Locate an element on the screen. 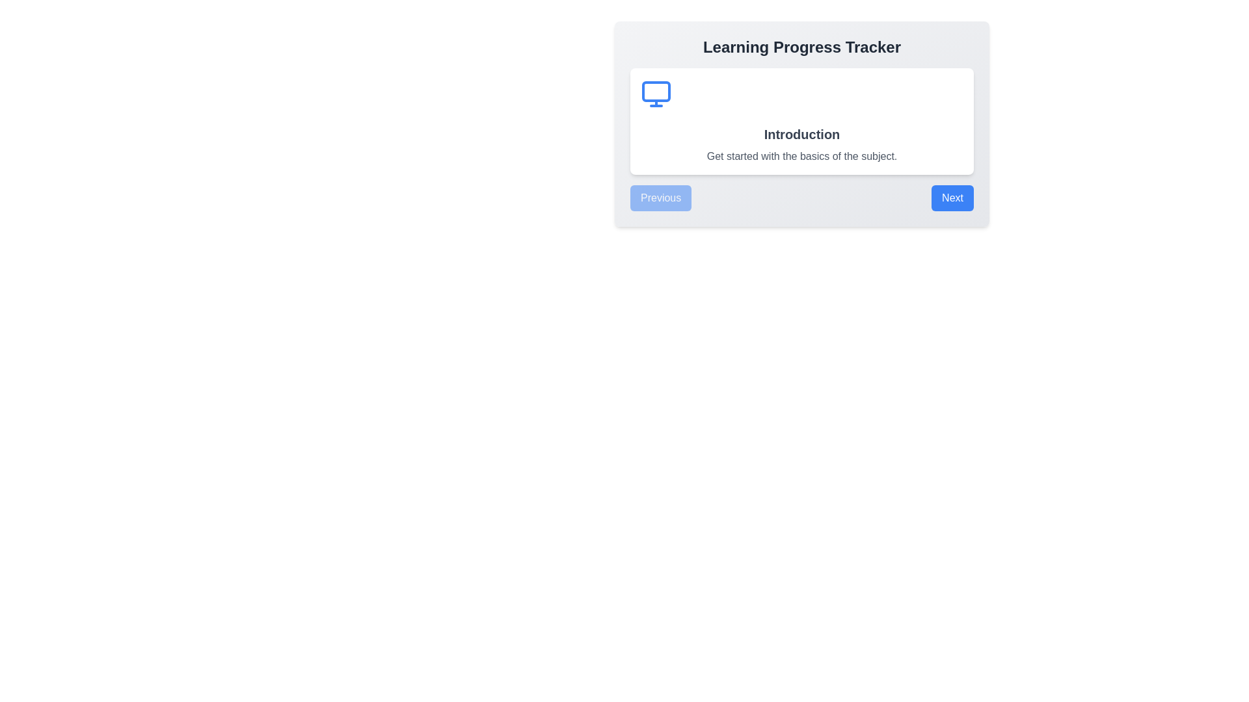 This screenshot has width=1249, height=702. the text element stating 'Introduction', which is presented in bold and slightly larger font size, located centrally within the interface above the text 'Get started with the basics of the subject.' is located at coordinates (801, 135).